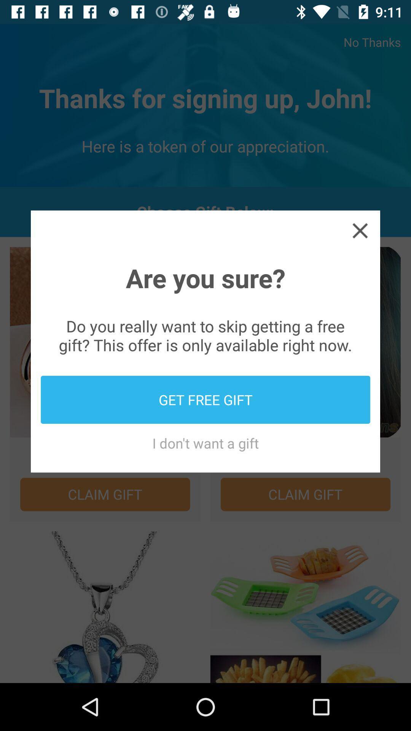 The image size is (411, 731). What do you see at coordinates (360, 230) in the screenshot?
I see `the close icon` at bounding box center [360, 230].